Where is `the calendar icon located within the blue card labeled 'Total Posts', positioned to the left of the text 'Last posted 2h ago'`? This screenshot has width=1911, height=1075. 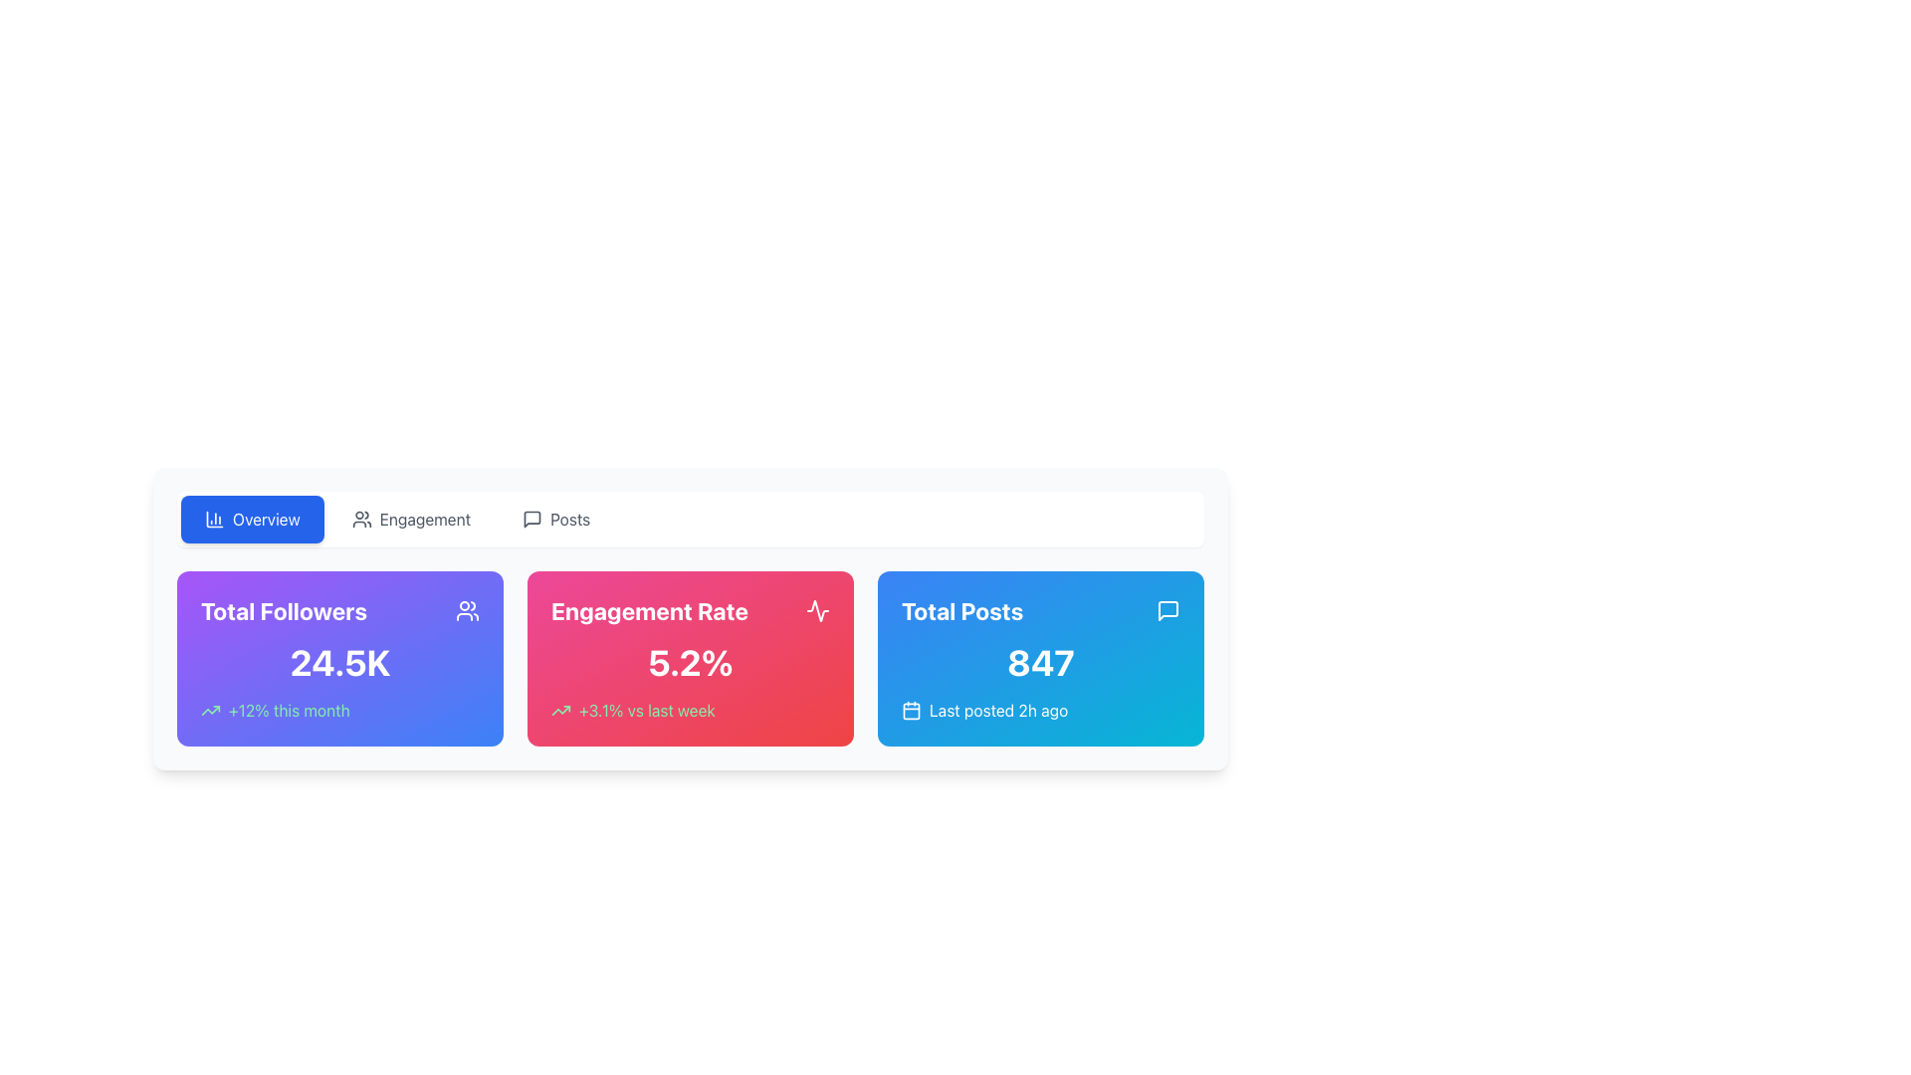 the calendar icon located within the blue card labeled 'Total Posts', positioned to the left of the text 'Last posted 2h ago' is located at coordinates (911, 709).